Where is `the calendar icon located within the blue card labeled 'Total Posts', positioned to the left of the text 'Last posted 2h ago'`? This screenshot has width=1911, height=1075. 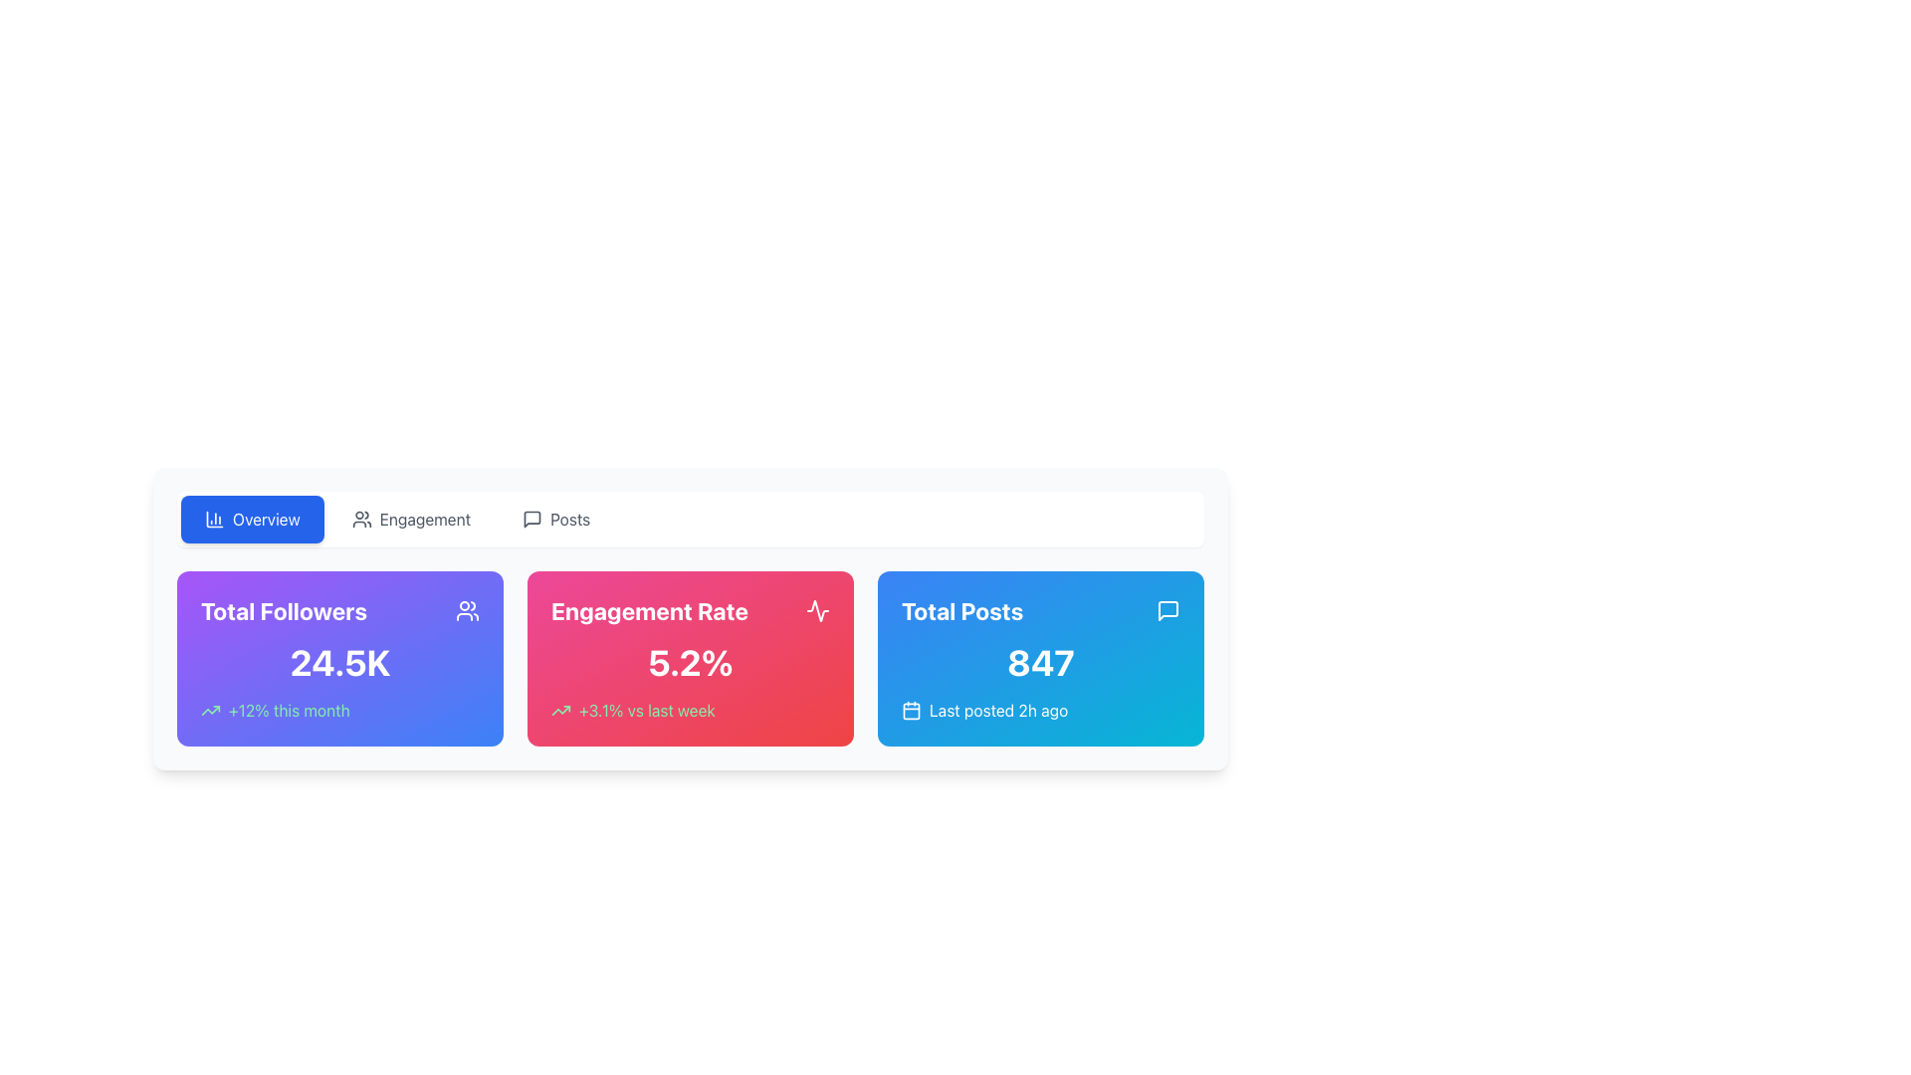 the calendar icon located within the blue card labeled 'Total Posts', positioned to the left of the text 'Last posted 2h ago' is located at coordinates (911, 709).